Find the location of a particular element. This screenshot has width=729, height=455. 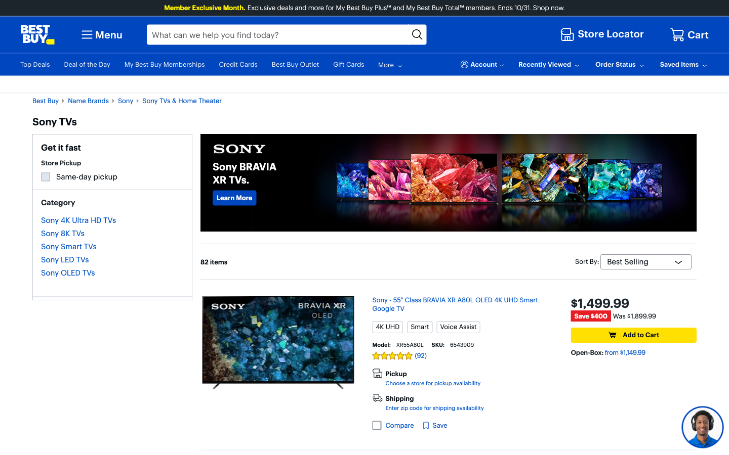

the Best Buy Credit Cards section is located at coordinates (234, 197).